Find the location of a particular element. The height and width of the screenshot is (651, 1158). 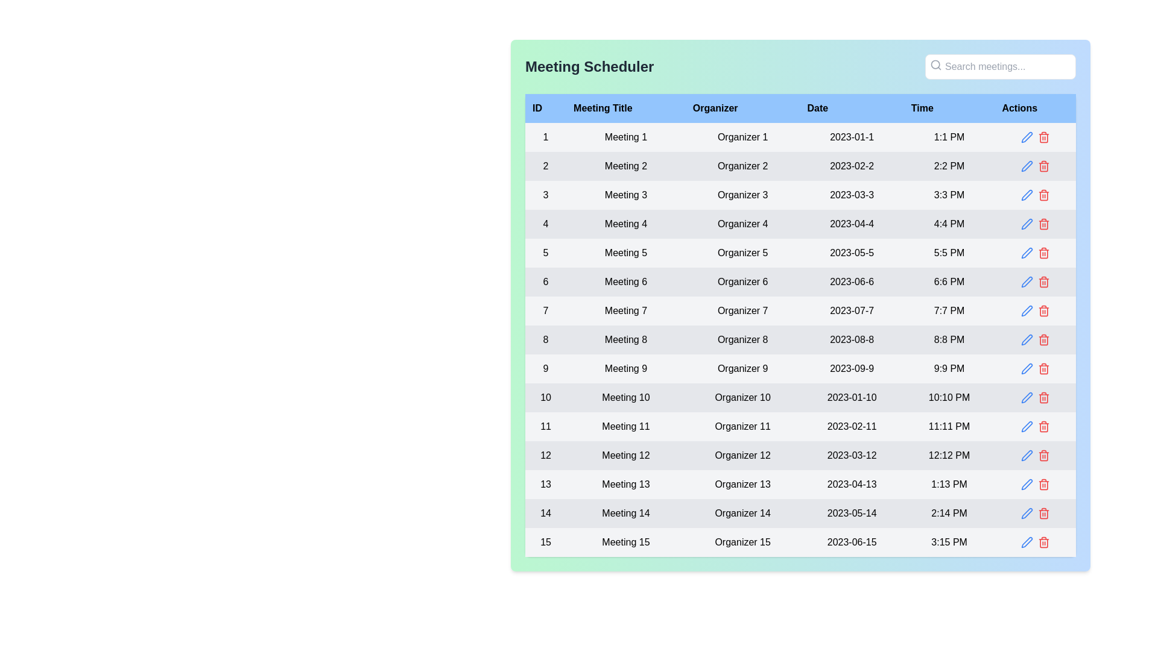

the blue pencil icon in the 'Actions' column of the row labeled '9' for 'Meeting 9' is located at coordinates (1034, 368).